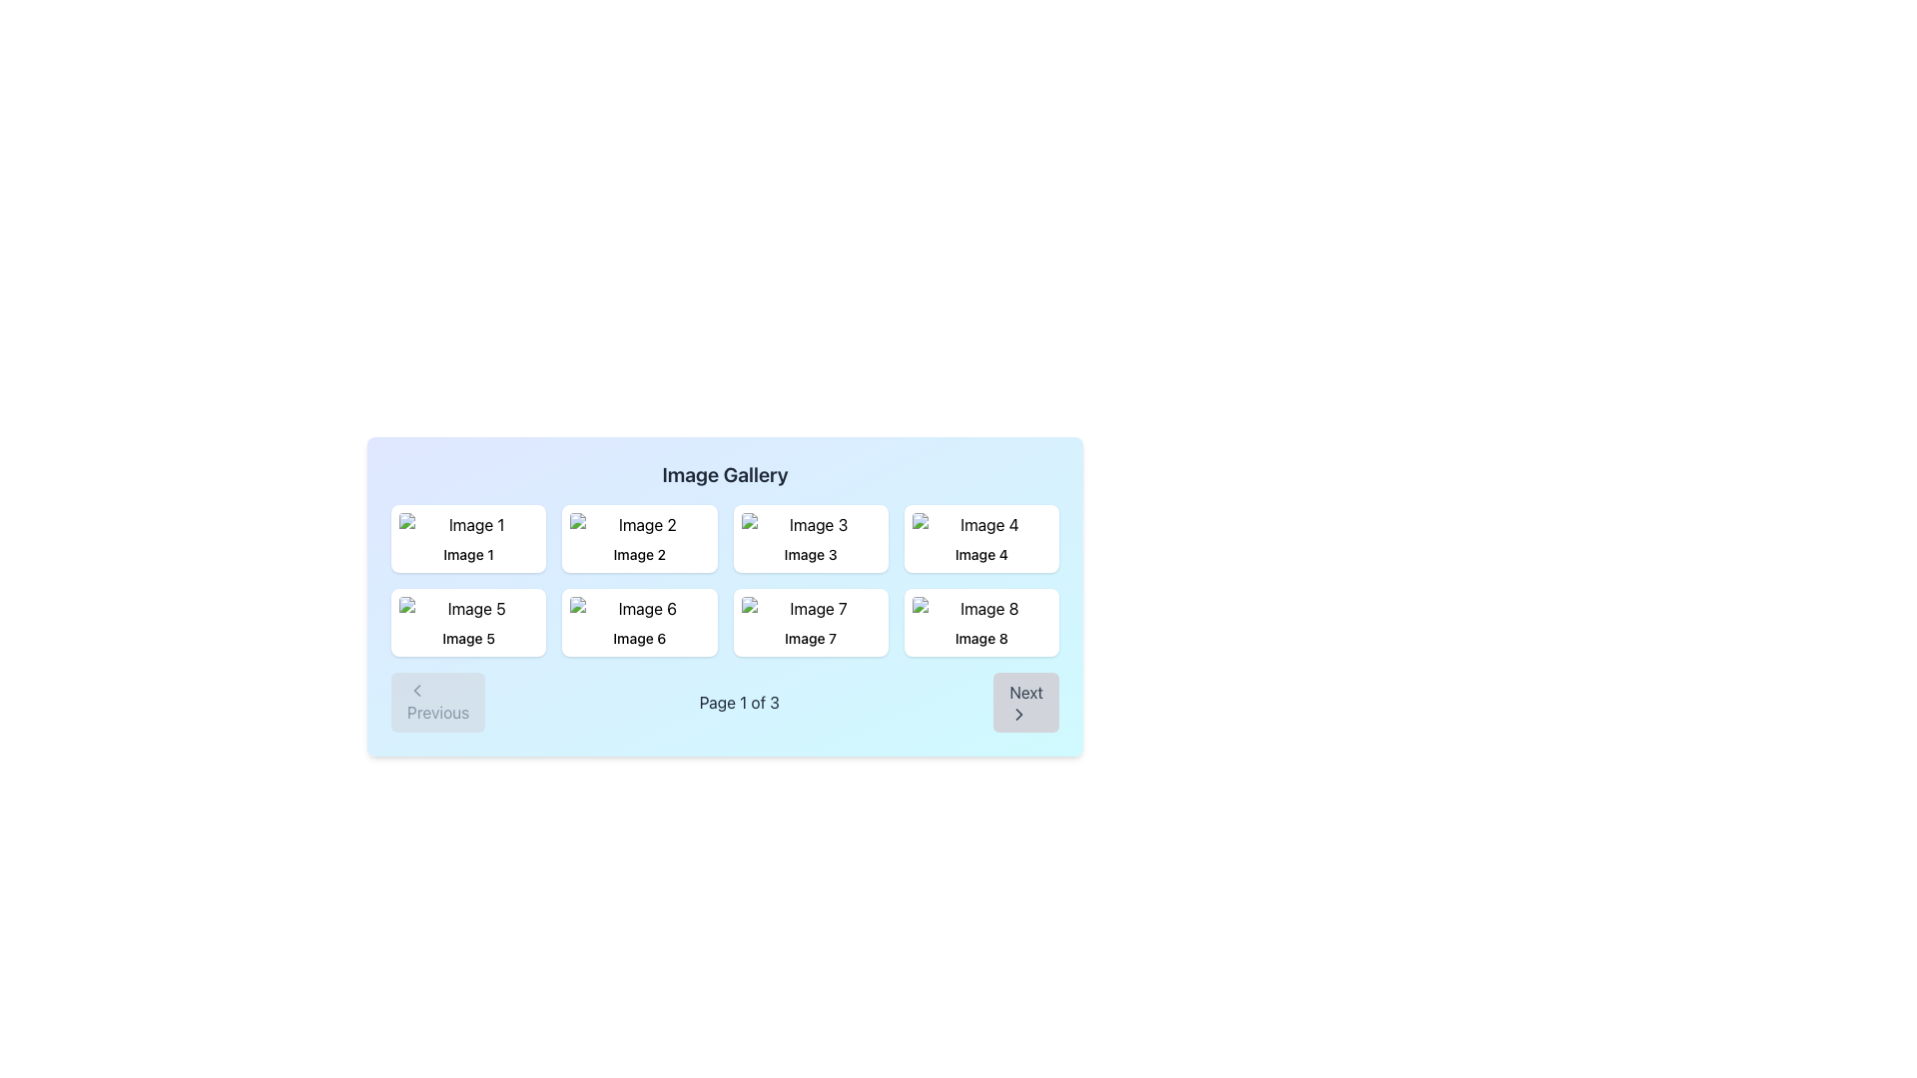  Describe the element at coordinates (981, 554) in the screenshot. I see `text label located in the fourth card of the top row of the image gallery grid, which is positioned below the 'Image 4' placeholder` at that location.